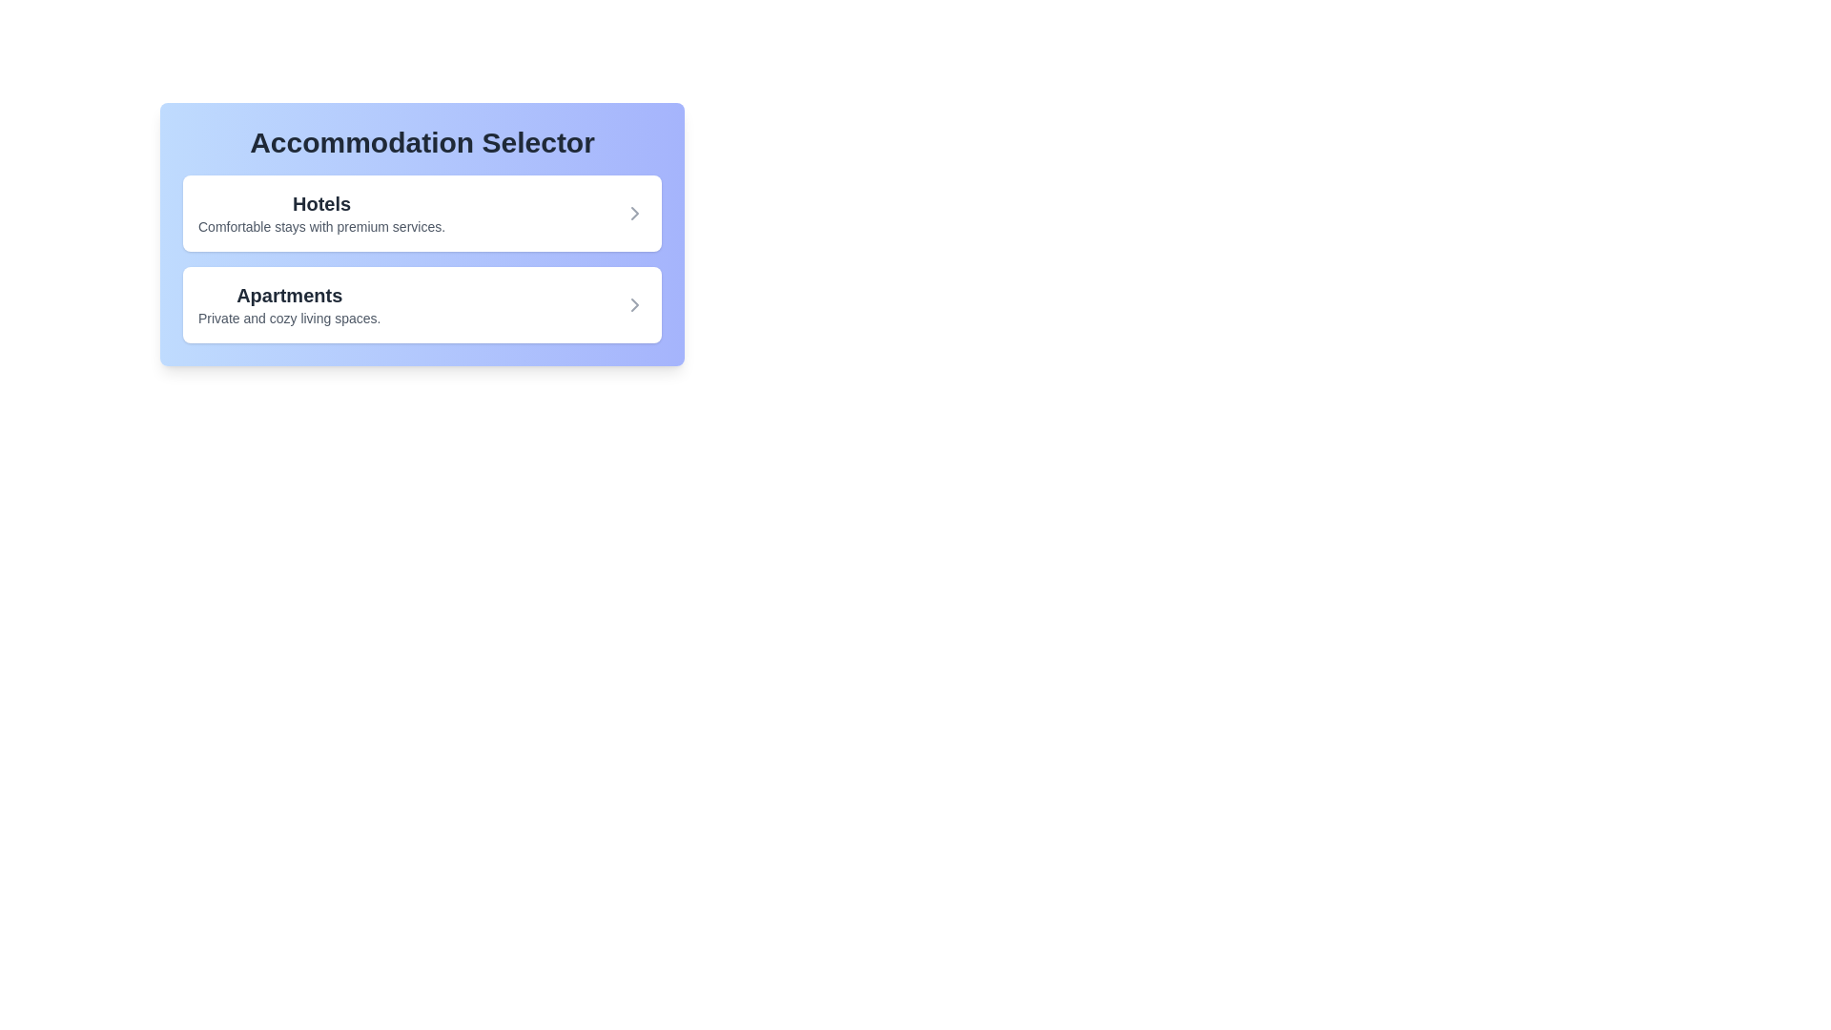 Image resolution: width=1831 pixels, height=1030 pixels. What do you see at coordinates (421, 304) in the screenshot?
I see `the second card titled 'Apartments' in the 'Accommodation Selector' section` at bounding box center [421, 304].